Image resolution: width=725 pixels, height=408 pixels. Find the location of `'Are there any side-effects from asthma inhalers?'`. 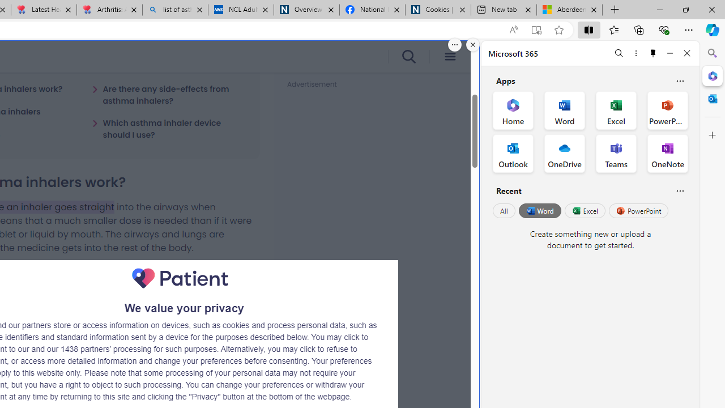

'Are there any side-effects from asthma inhalers?' is located at coordinates (168, 94).